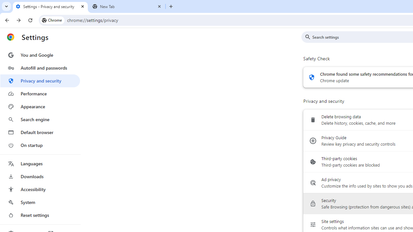 Image resolution: width=413 pixels, height=232 pixels. What do you see at coordinates (40, 215) in the screenshot?
I see `'Reset settings'` at bounding box center [40, 215].